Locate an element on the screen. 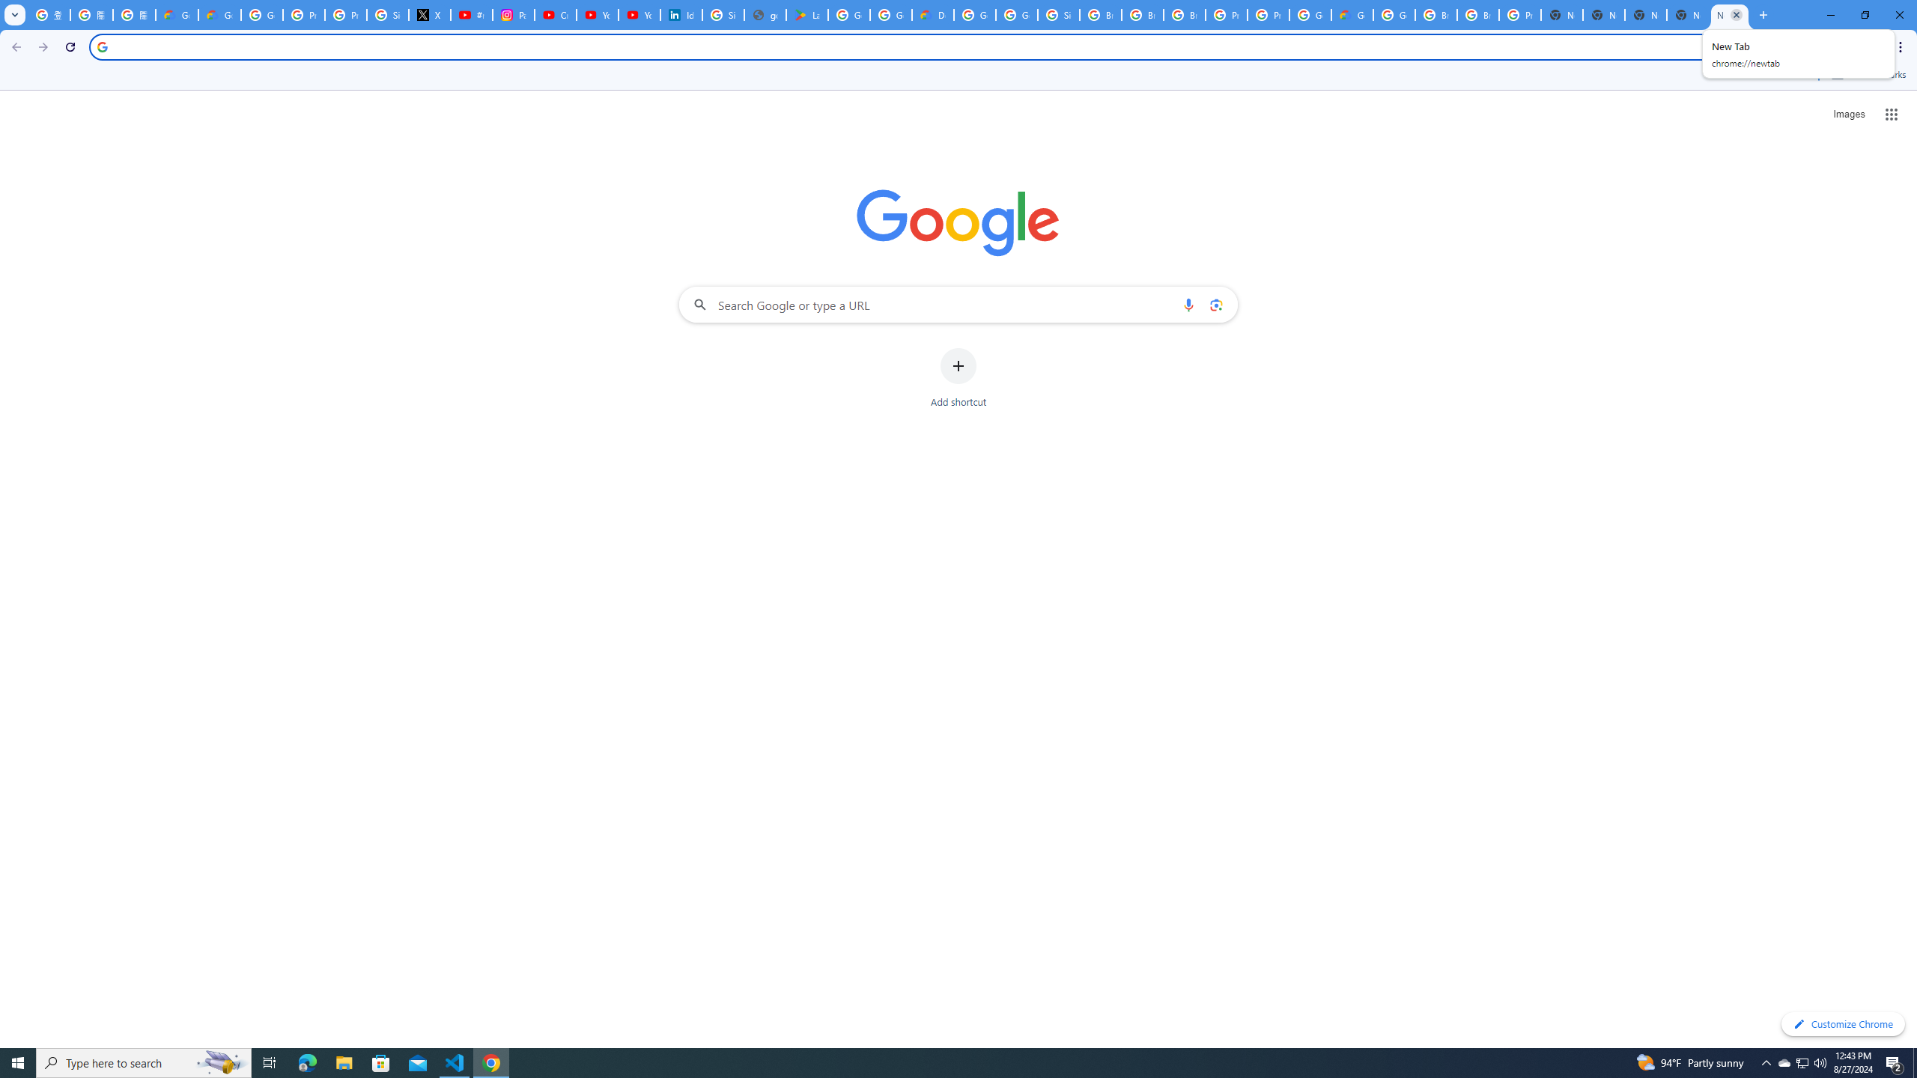 This screenshot has height=1078, width=1917. 'Search by voice' is located at coordinates (1188, 303).